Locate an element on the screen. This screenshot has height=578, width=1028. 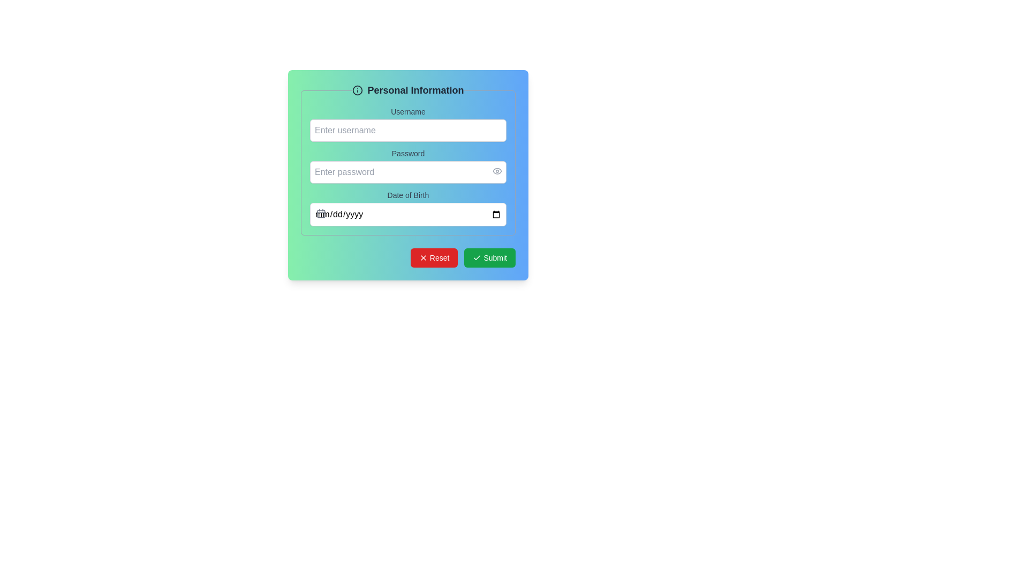
the 'Reset' button containing the 'X' shaped cancel icon for keyboard navigation is located at coordinates (422, 258).